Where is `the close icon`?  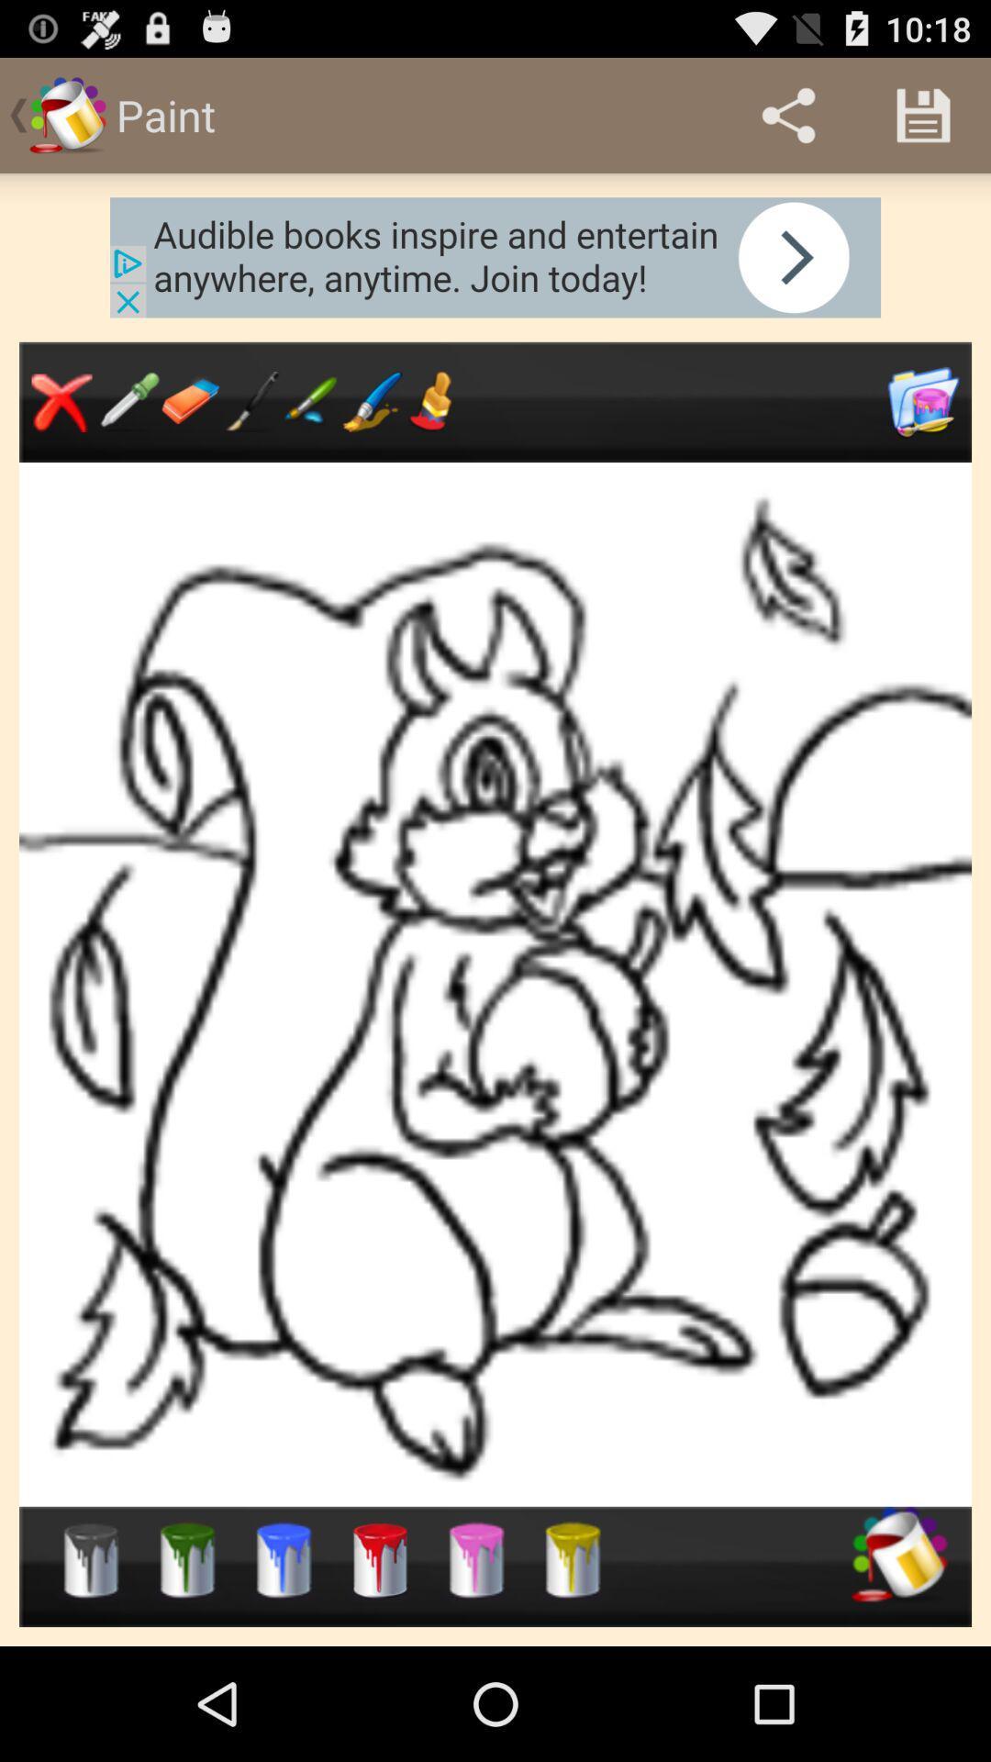
the close icon is located at coordinates (61, 429).